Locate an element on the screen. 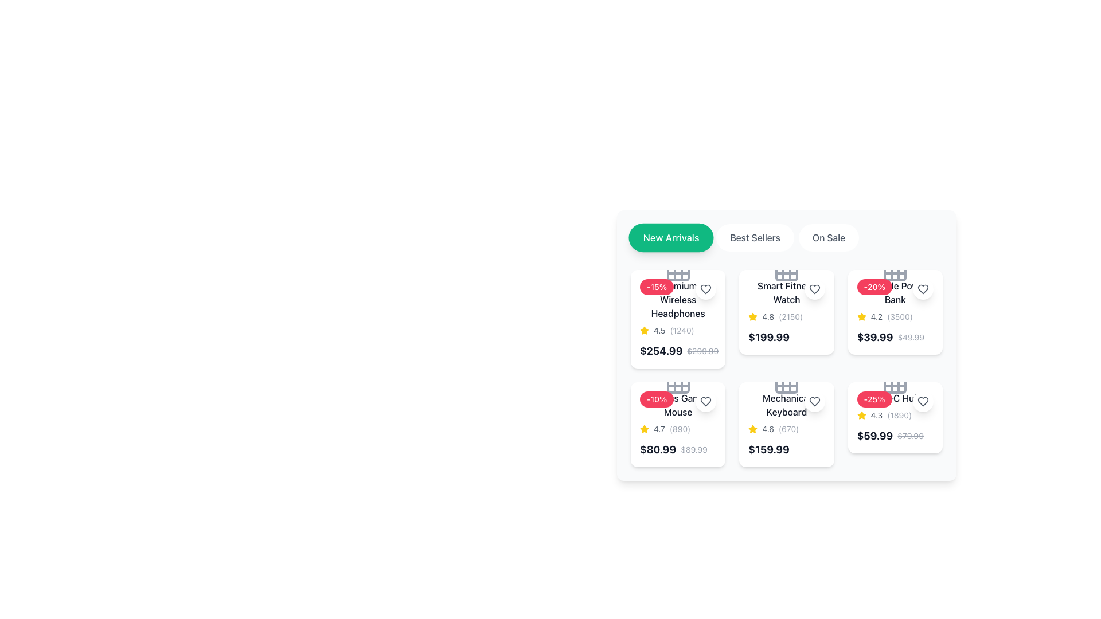  the heart-shaped icon located in the top-right corner of the product card for 'Premium Wireless Headphones' to favorite the item is located at coordinates (705, 289).